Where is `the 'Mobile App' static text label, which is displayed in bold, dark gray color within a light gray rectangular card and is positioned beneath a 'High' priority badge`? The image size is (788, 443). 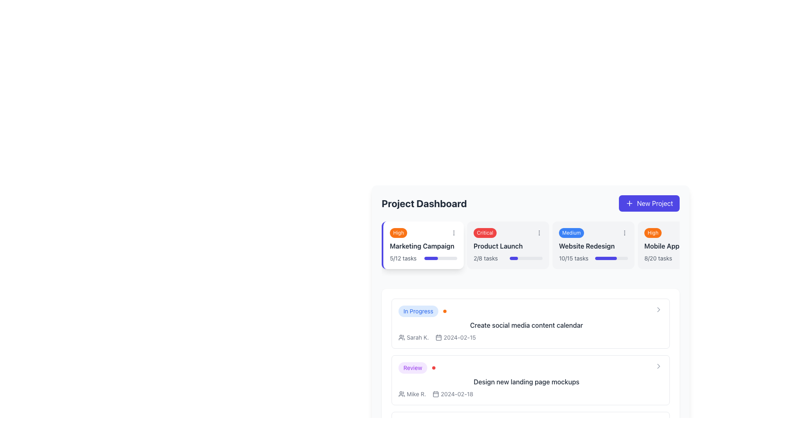 the 'Mobile App' static text label, which is displayed in bold, dark gray color within a light gray rectangular card and is positioned beneath a 'High' priority badge is located at coordinates (679, 246).